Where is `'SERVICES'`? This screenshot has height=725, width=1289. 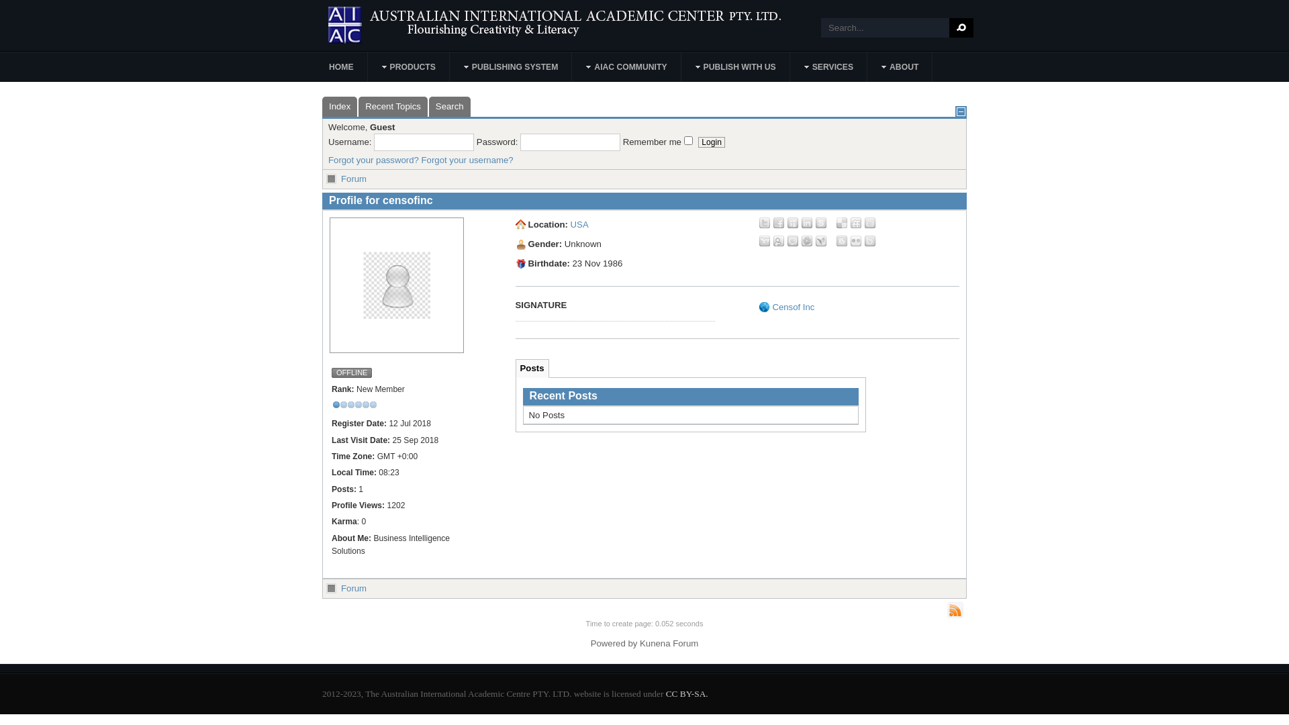
'SERVICES' is located at coordinates (828, 67).